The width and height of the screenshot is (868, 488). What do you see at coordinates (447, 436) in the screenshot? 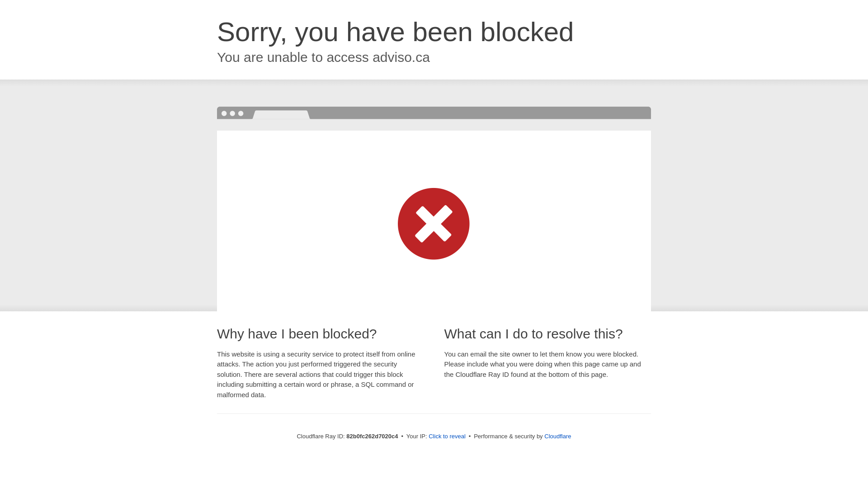
I see `'Click to reveal'` at bounding box center [447, 436].